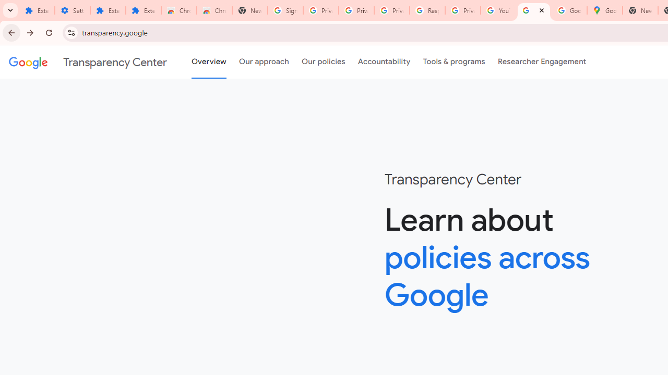 Image resolution: width=668 pixels, height=375 pixels. Describe the element at coordinates (88, 62) in the screenshot. I see `'Transparency Center'` at that location.